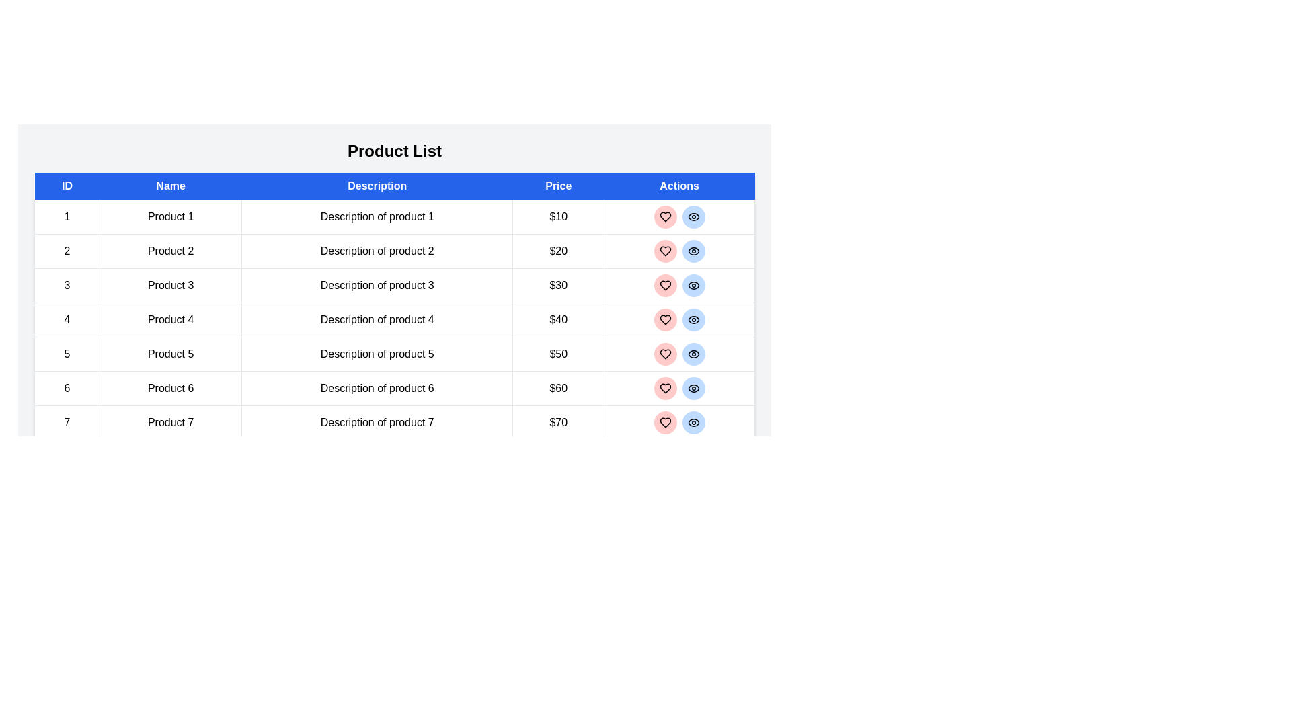 The height and width of the screenshot is (726, 1291). Describe the element at coordinates (393, 421) in the screenshot. I see `the row corresponding to product 7` at that location.